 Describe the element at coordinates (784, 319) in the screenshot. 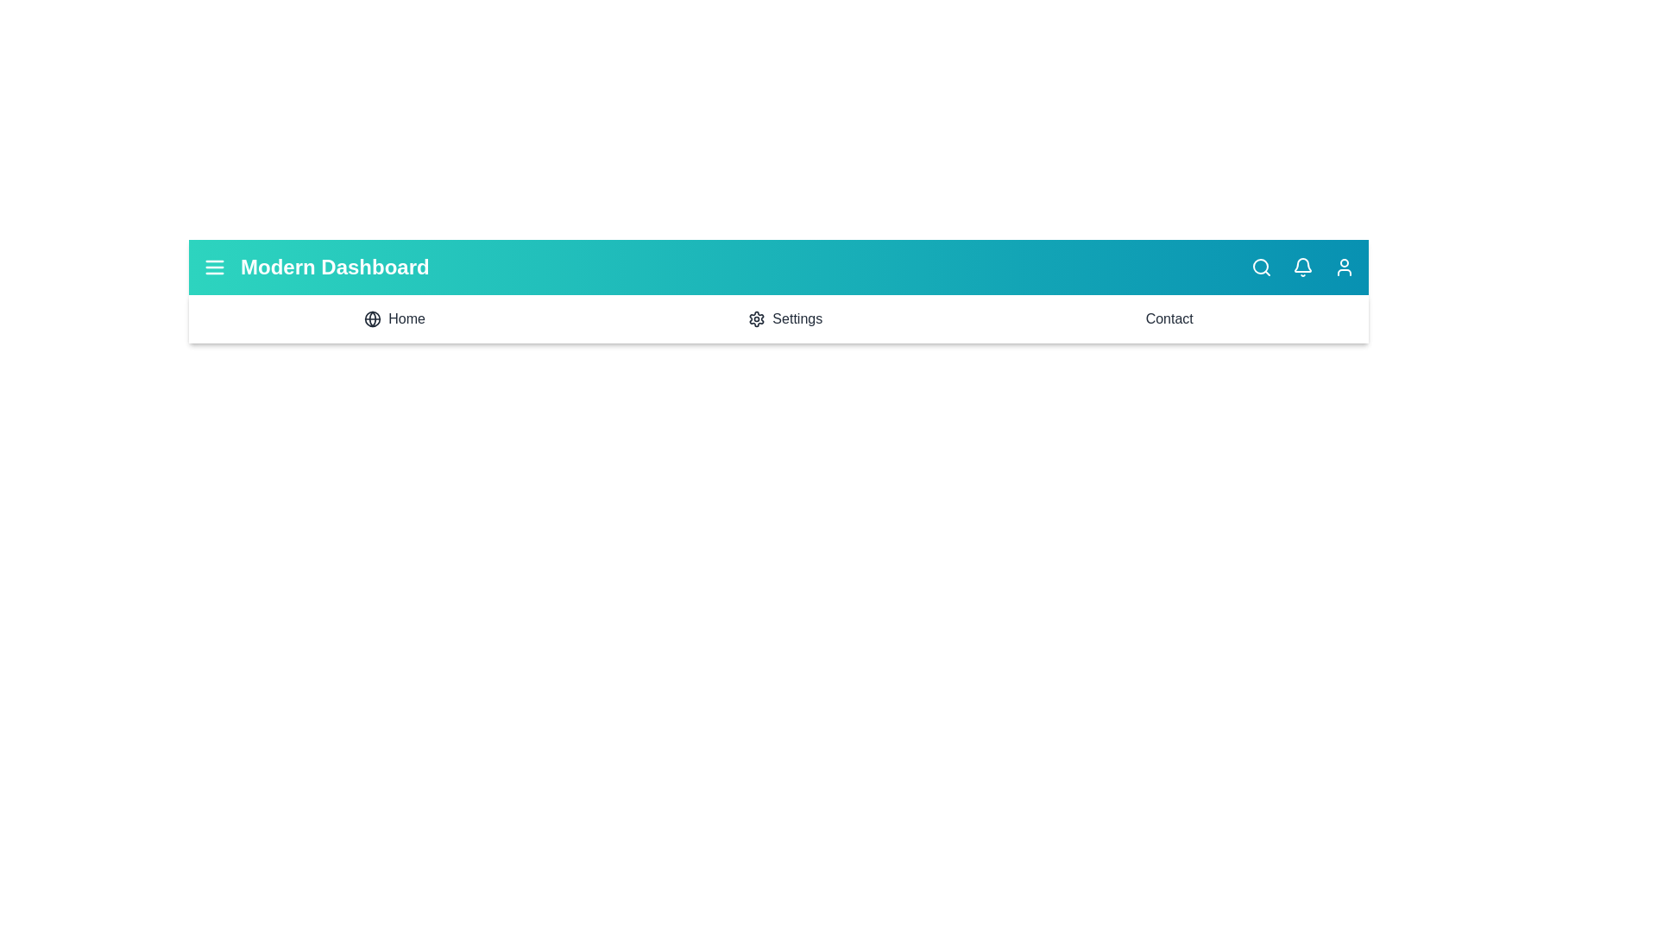

I see `the 'Settings' link in the menu` at that location.